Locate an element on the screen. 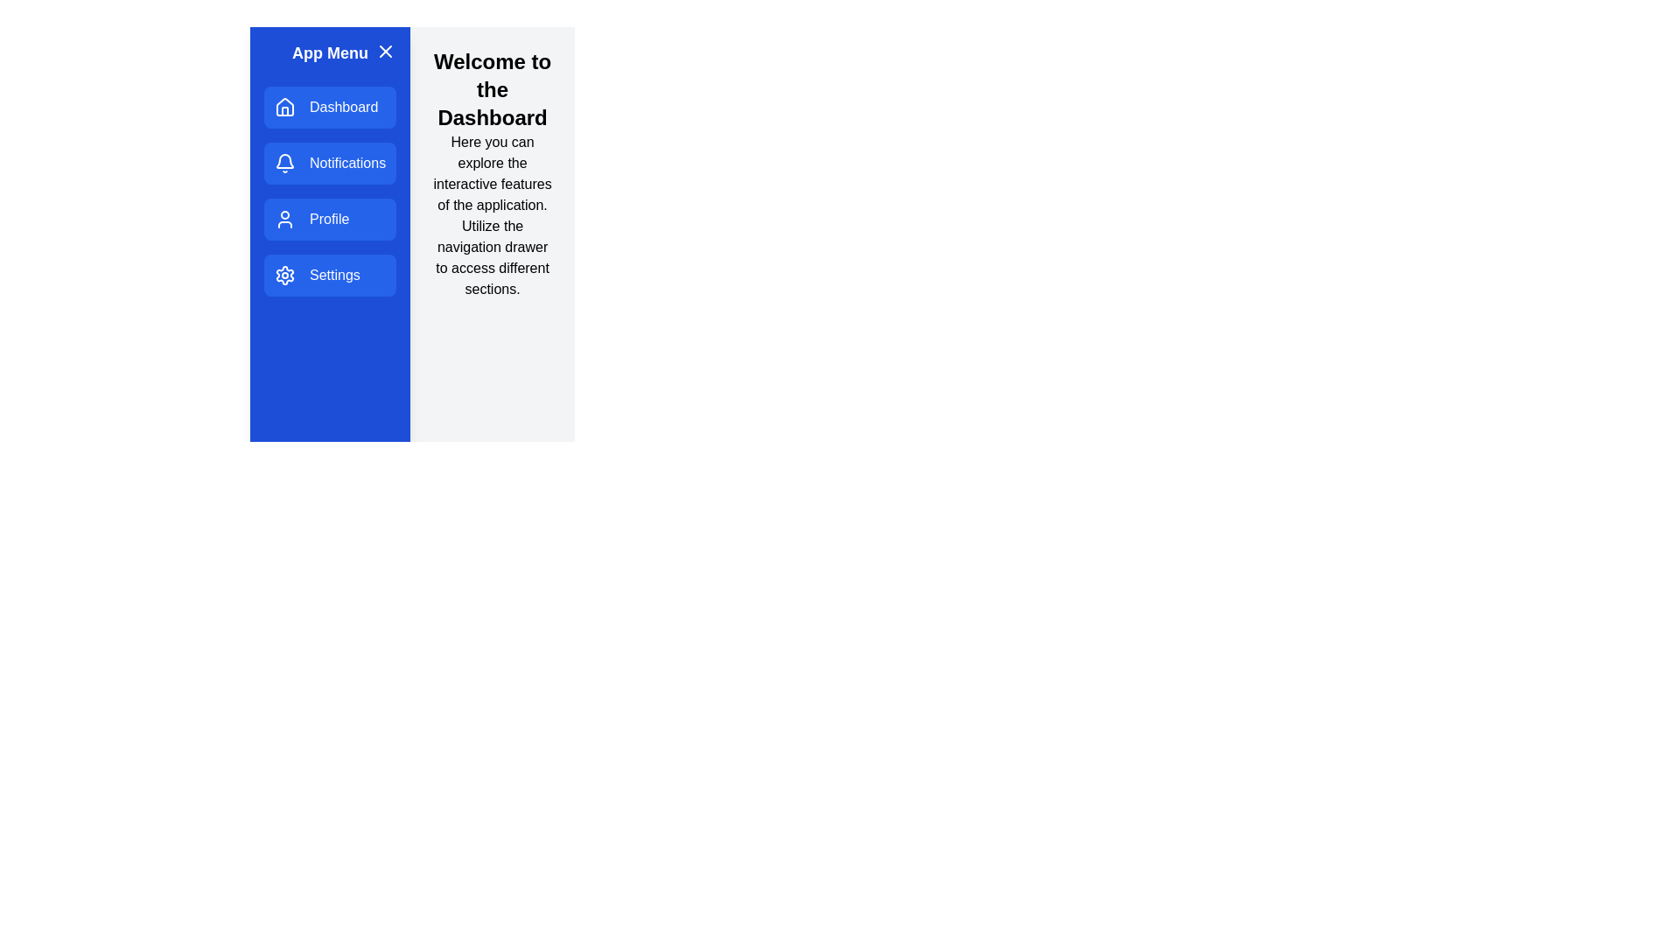  the blue rectangular button with rounded corners labeled 'Dashboard' in the sidebar menu is located at coordinates (330, 108).